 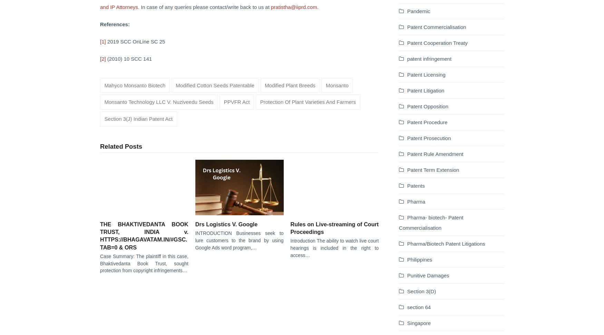 I want to click on '2019 SCC OnLine SC 25', so click(x=135, y=41).